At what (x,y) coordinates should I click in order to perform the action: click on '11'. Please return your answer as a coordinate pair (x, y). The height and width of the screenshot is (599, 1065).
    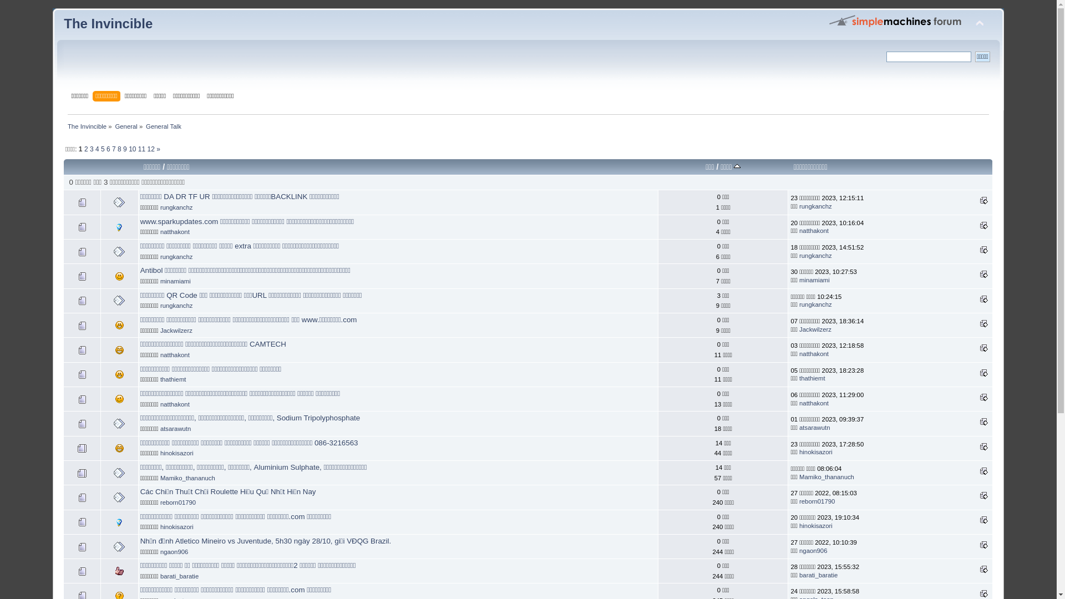
    Looking at the image, I should click on (141, 149).